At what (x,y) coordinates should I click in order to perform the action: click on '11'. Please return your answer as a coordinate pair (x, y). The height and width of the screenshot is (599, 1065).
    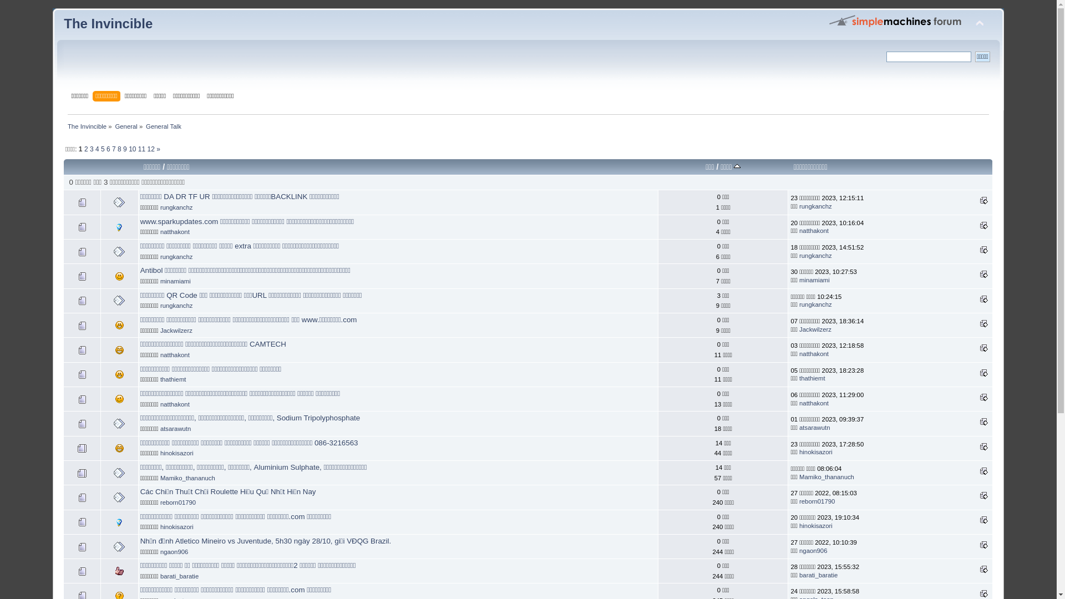
    Looking at the image, I should click on (141, 149).